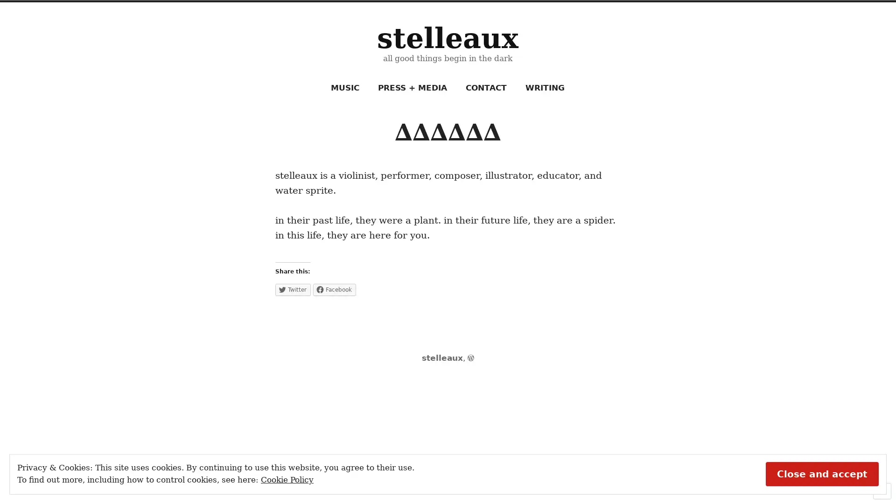  Describe the element at coordinates (822, 473) in the screenshot. I see `Close and accept` at that location.